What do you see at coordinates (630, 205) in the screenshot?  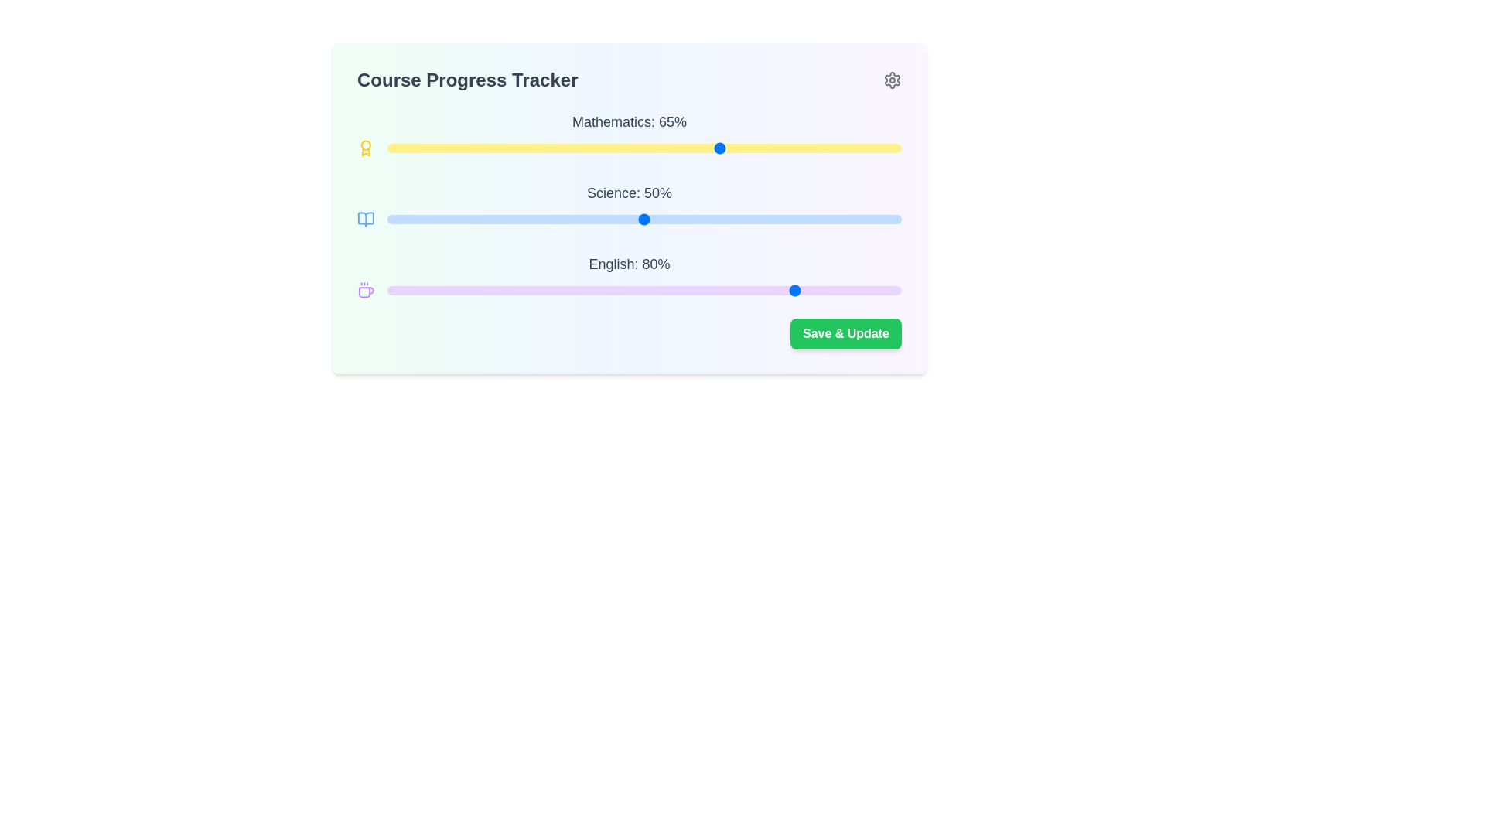 I see `the Grouped progress bars labeled 'Course Progress Tracker' to focus on the progress data for Mathematics, Science, and English` at bounding box center [630, 205].